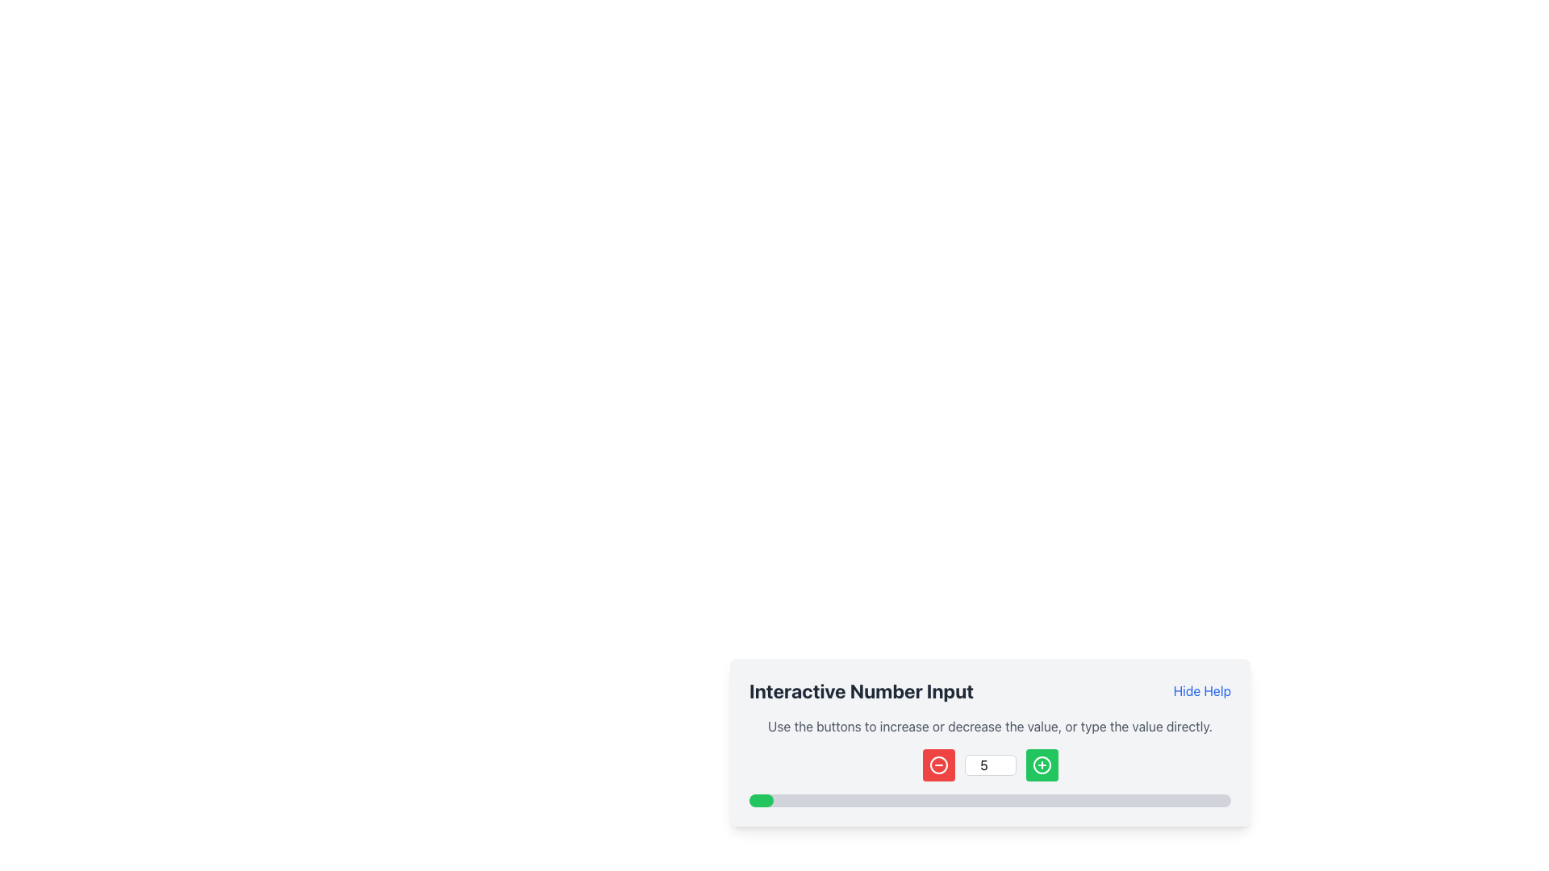  Describe the element at coordinates (1042, 764) in the screenshot. I see `the circular SVG element within the green square button to the right of the numeric input field to increment the value` at that location.